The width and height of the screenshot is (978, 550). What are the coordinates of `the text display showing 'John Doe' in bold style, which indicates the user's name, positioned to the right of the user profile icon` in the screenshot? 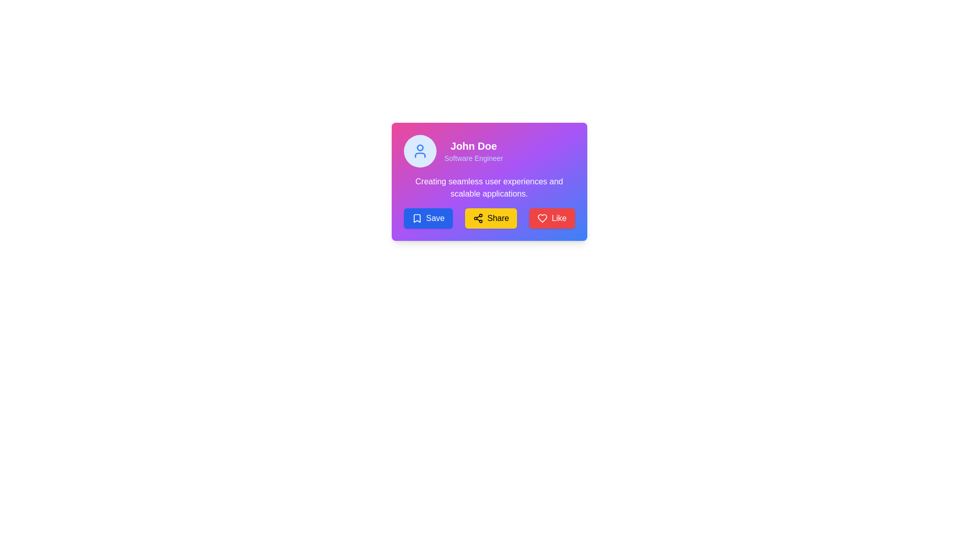 It's located at (489, 151).